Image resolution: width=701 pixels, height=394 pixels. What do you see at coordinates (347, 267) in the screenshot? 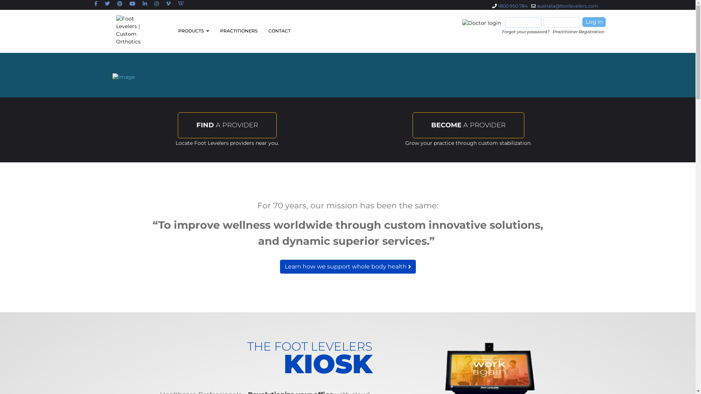
I see `'Learn how we support whole body health'` at bounding box center [347, 267].